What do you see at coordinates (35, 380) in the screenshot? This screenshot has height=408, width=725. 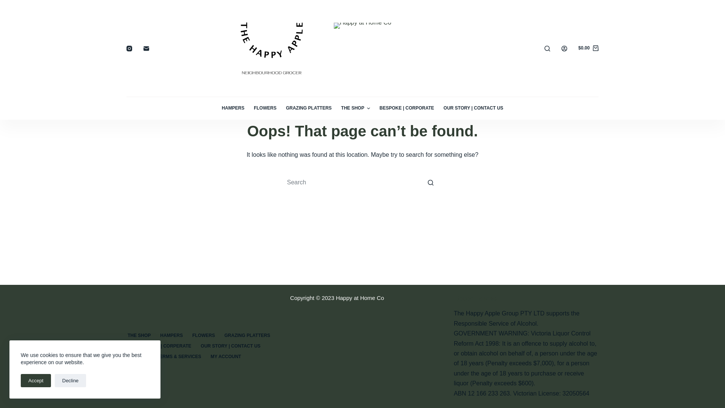 I see `'Accept'` at bounding box center [35, 380].